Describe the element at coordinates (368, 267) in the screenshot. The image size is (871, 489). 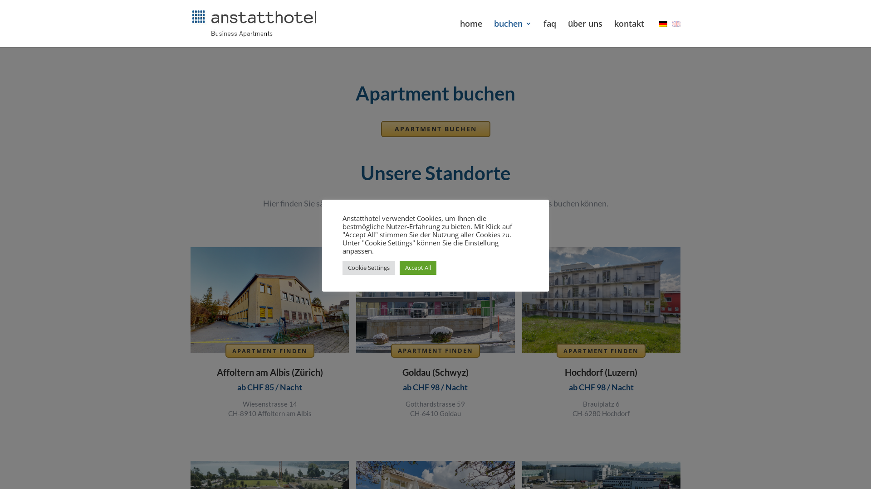
I see `'Cookie Settings'` at that location.